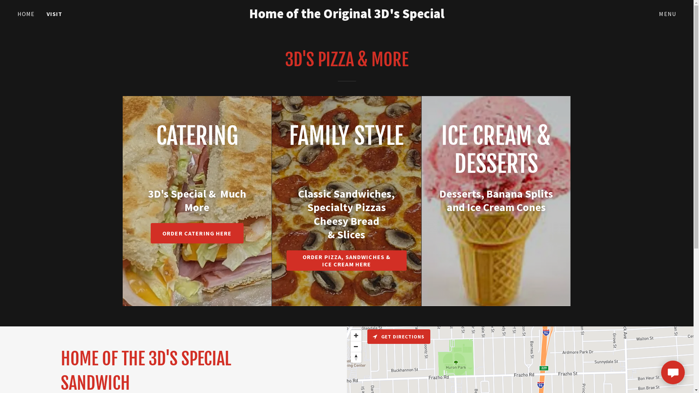 Image resolution: width=699 pixels, height=393 pixels. I want to click on 'Home of the Original 3D's Special', so click(237, 16).